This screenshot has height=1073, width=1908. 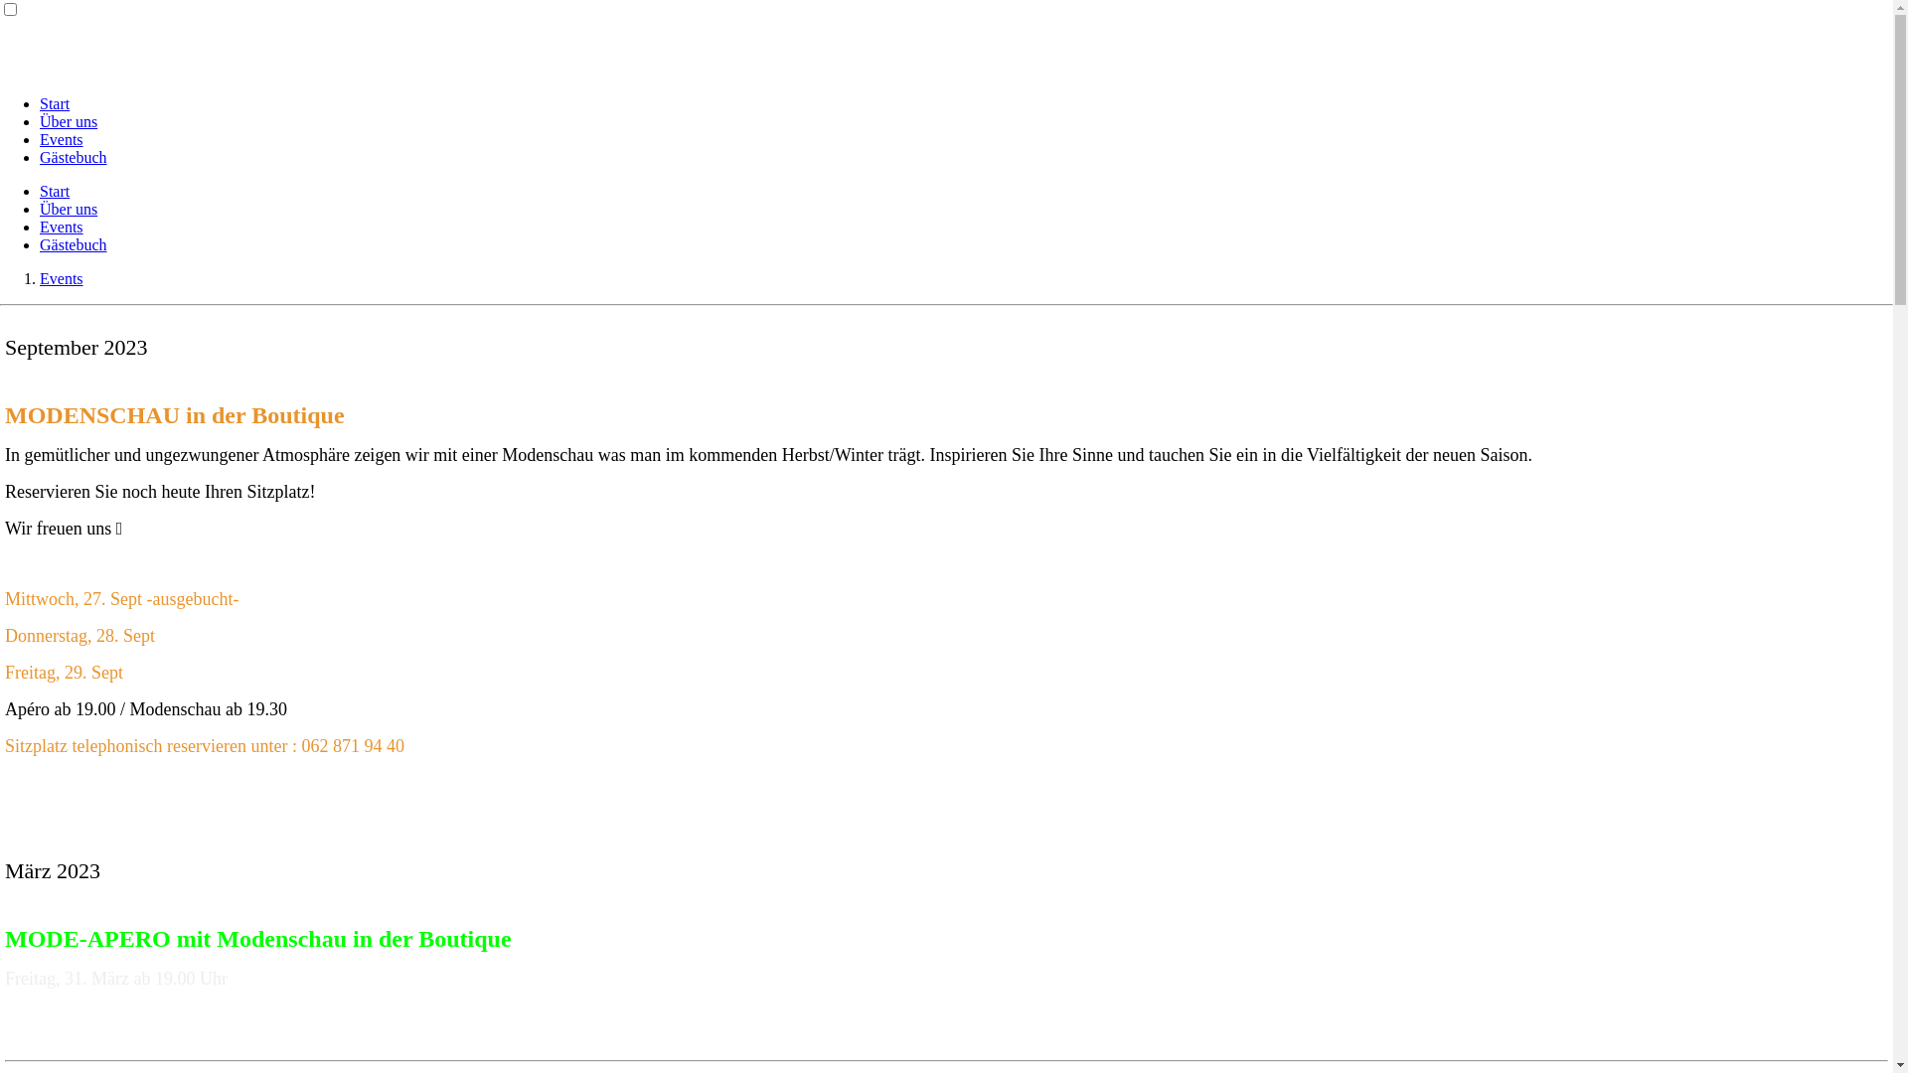 What do you see at coordinates (54, 103) in the screenshot?
I see `'Start'` at bounding box center [54, 103].